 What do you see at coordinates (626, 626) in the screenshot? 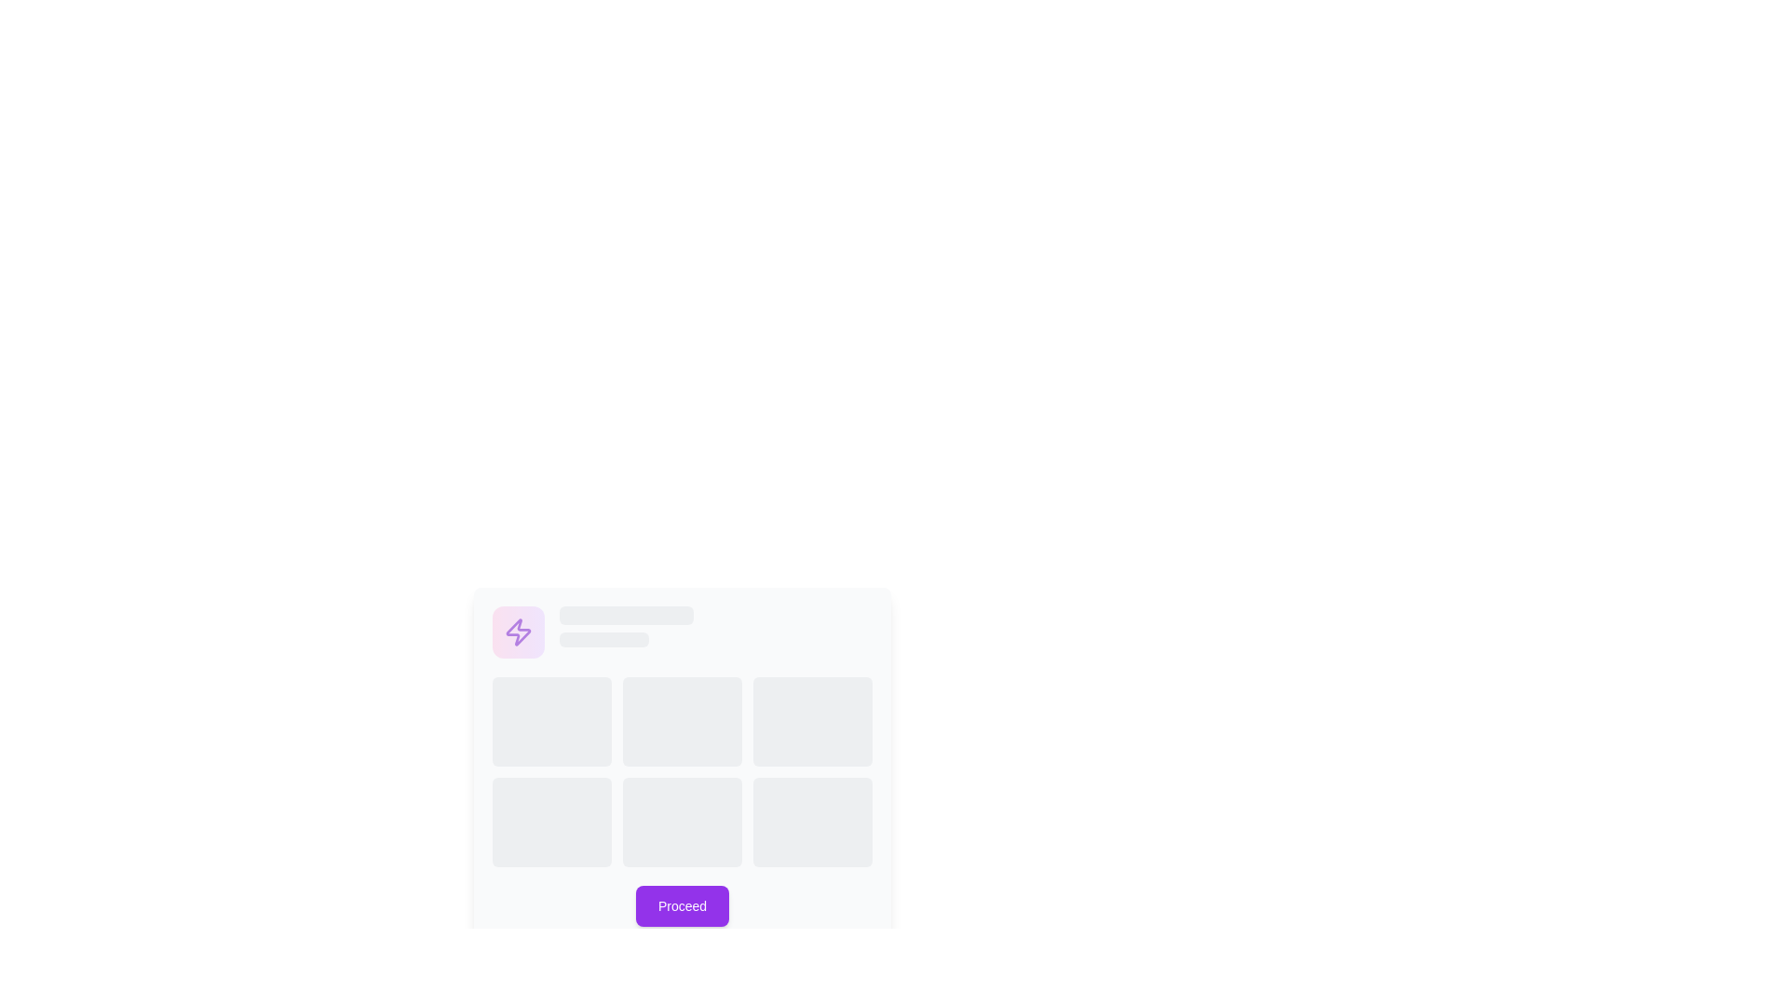
I see `the loading placeholder element, which visually indicates where content will be displayed, located slightly to the right of the central vertical axis in the upper left section of the grid layout` at bounding box center [626, 626].